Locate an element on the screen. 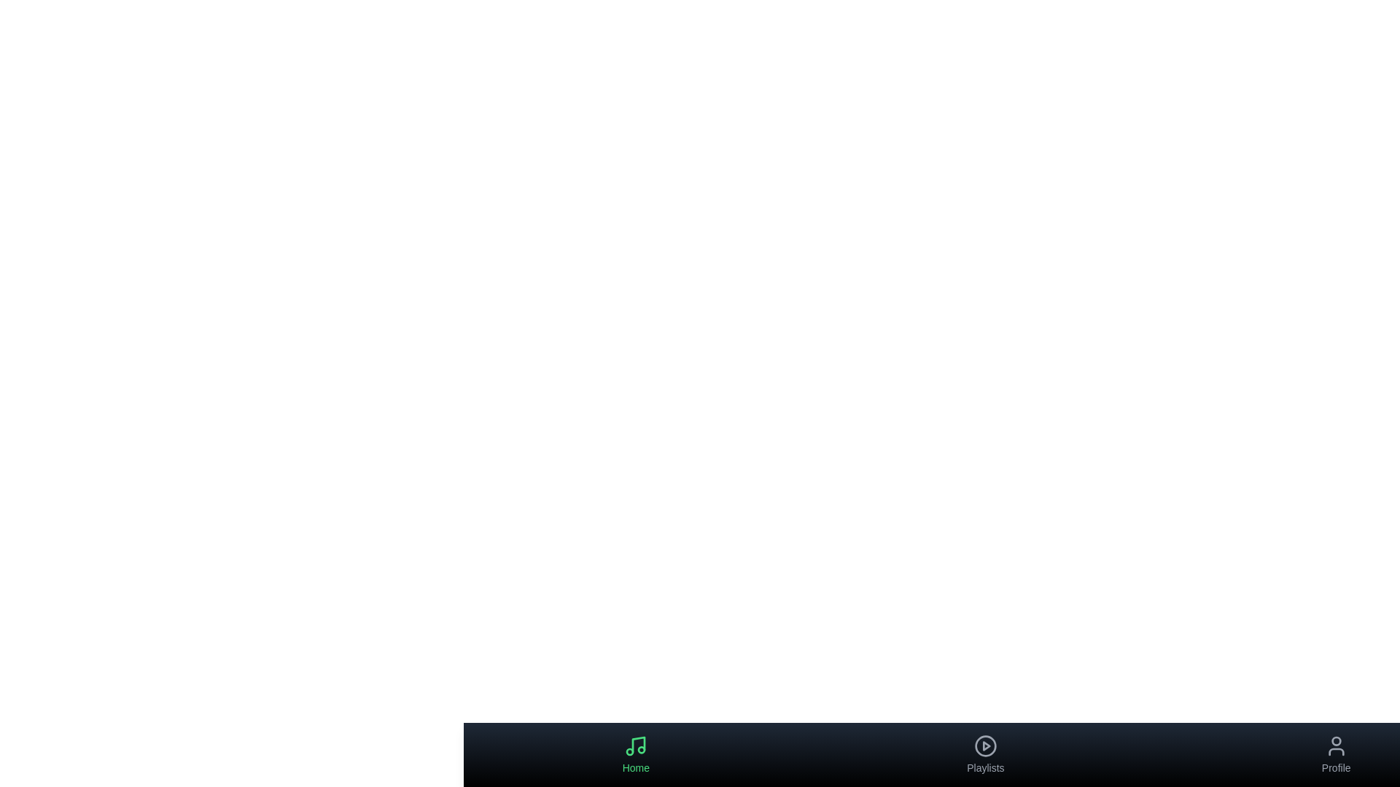 This screenshot has height=787, width=1400. the Playlists tab to navigate to its section is located at coordinates (986, 754).